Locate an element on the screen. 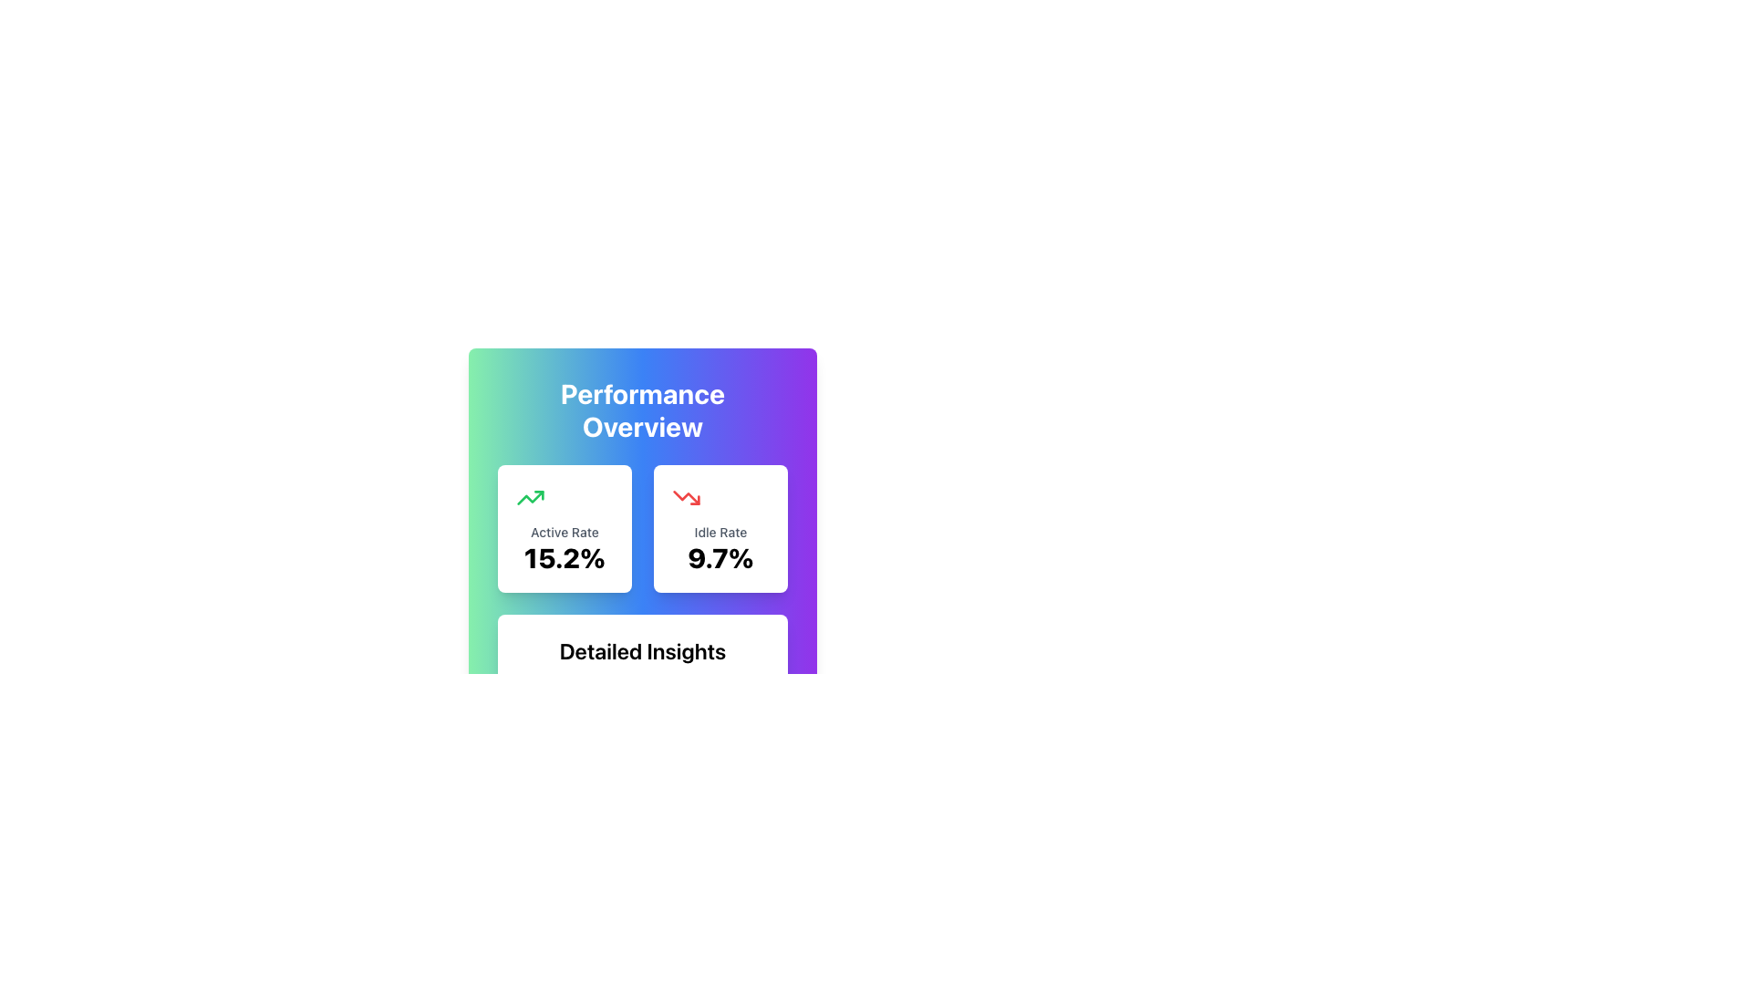  the numeric value label indicating the idle rate percentage in the 'Performance Overview' section, positioned beneath the 'Idle Rate' label and near a downward trend icon is located at coordinates (720, 557).